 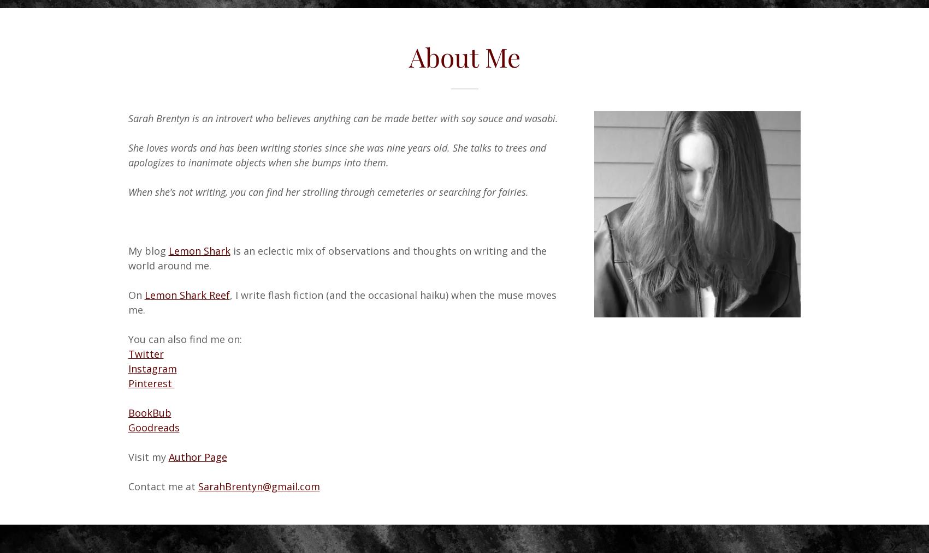 I want to click on 'BookBub', so click(x=149, y=412).